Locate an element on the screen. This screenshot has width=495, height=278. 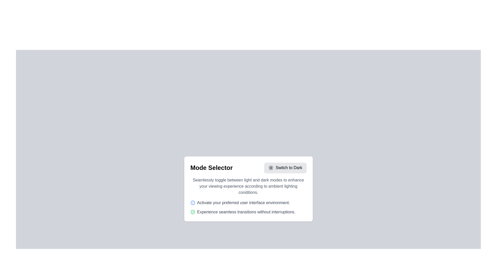
the text content element displaying 'Activate your preferred user interface environment.' which is styled in dark-gray against a light background, located below the card heading is located at coordinates (243, 202).